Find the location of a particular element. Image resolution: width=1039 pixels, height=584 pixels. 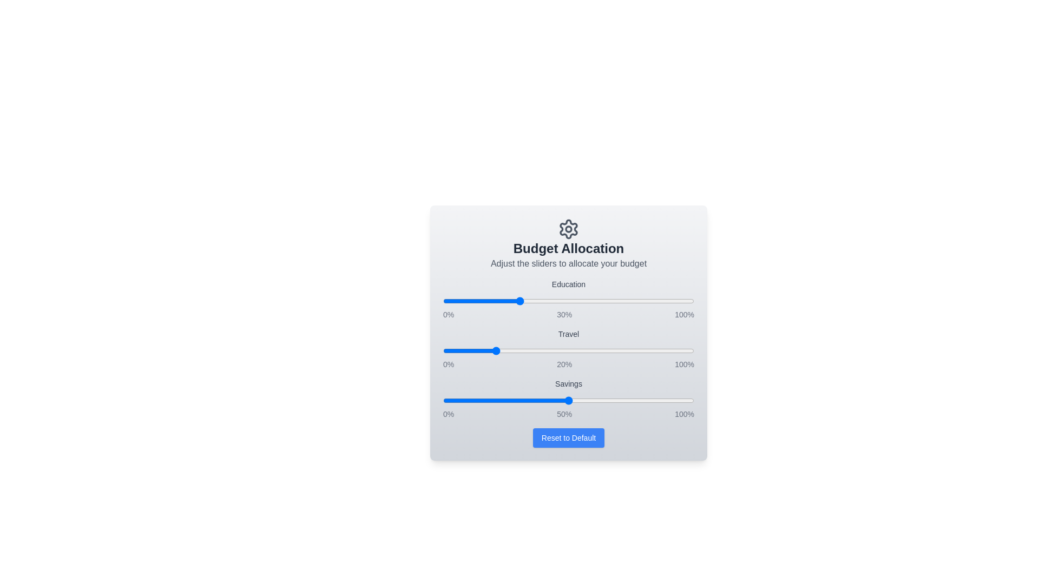

the 'Reset to Default' button to restore default values is located at coordinates (568, 438).